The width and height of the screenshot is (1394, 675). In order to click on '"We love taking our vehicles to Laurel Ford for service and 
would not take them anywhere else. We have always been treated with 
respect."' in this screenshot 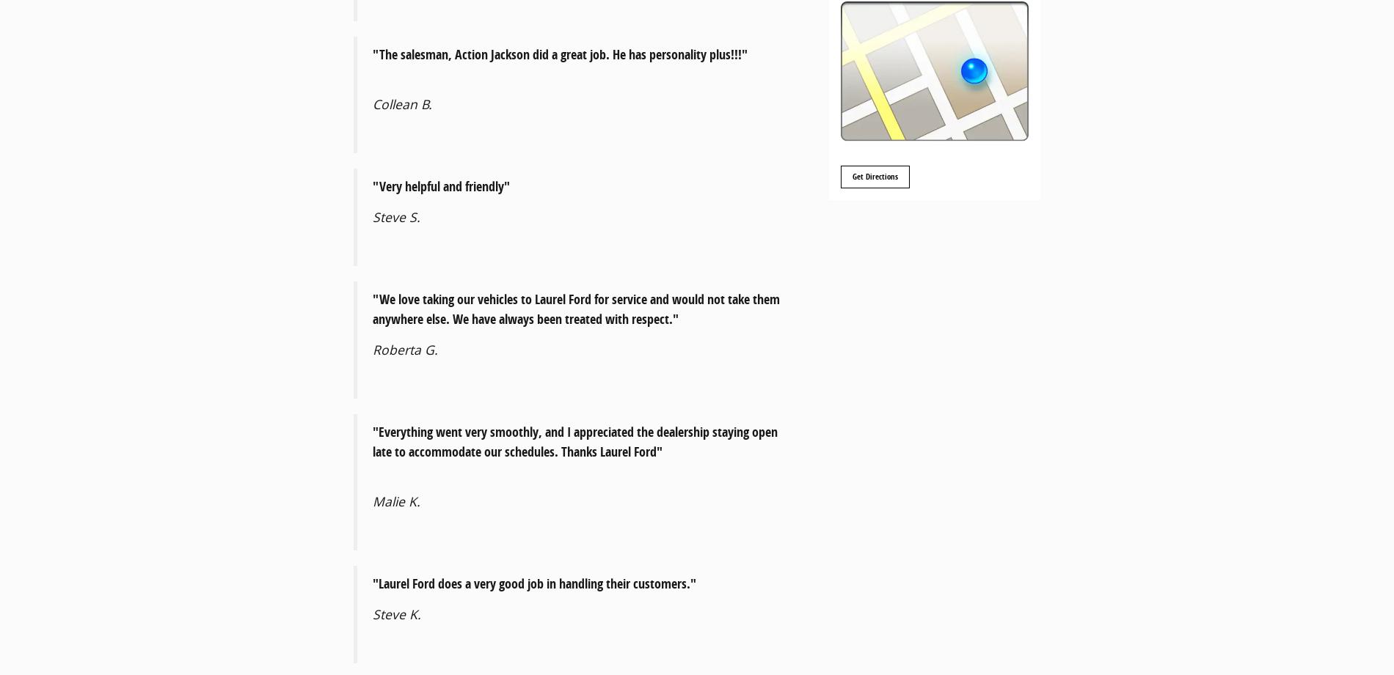, I will do `click(373, 308)`.